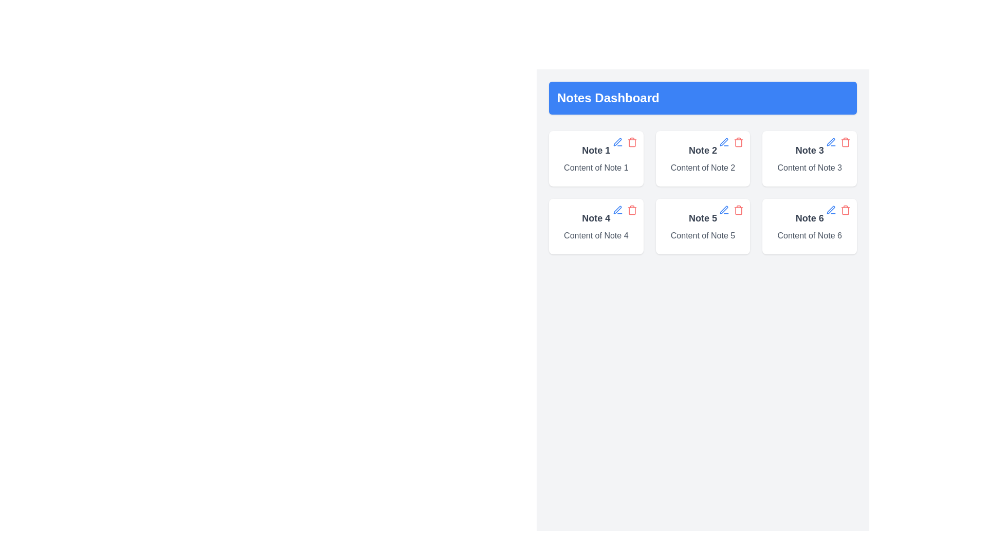 This screenshot has height=555, width=987. Describe the element at coordinates (846, 142) in the screenshot. I see `the delete icon located at the top-right of 'Note 3' card` at that location.